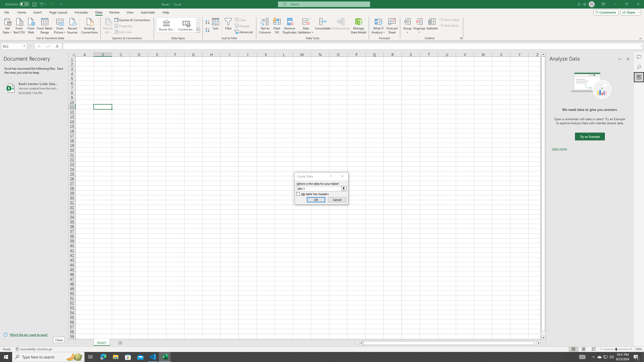 This screenshot has width=644, height=362. I want to click on 'We need data to give you answers. Try an Example', so click(589, 137).